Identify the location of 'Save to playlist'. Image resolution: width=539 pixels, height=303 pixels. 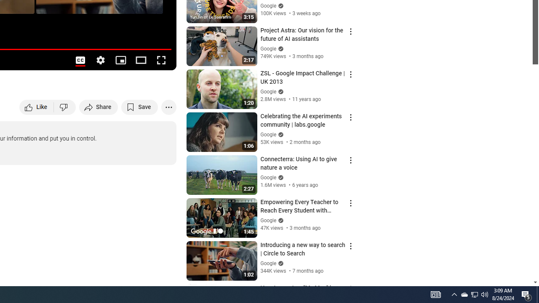
(139, 106).